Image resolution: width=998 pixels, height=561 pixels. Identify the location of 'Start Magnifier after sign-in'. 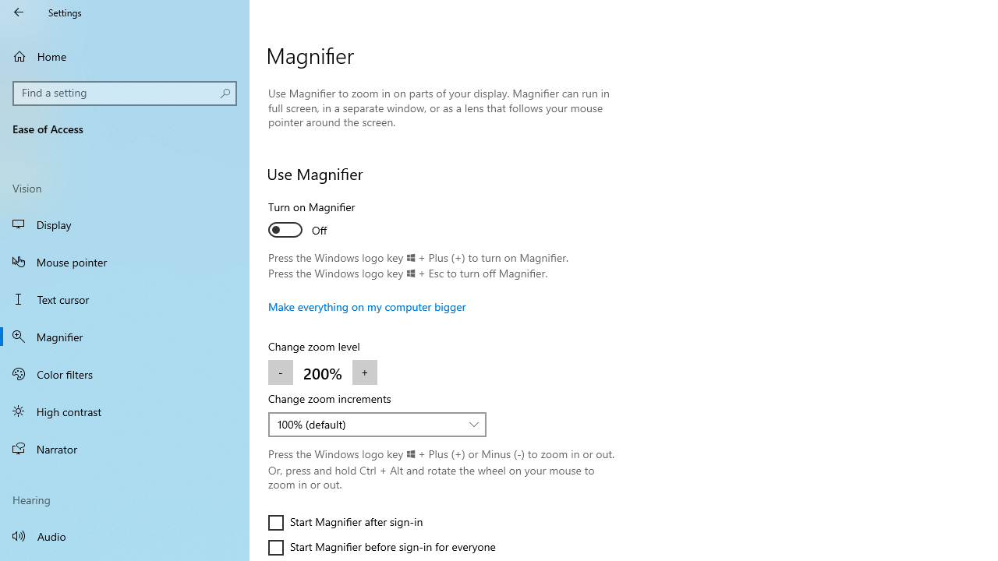
(345, 523).